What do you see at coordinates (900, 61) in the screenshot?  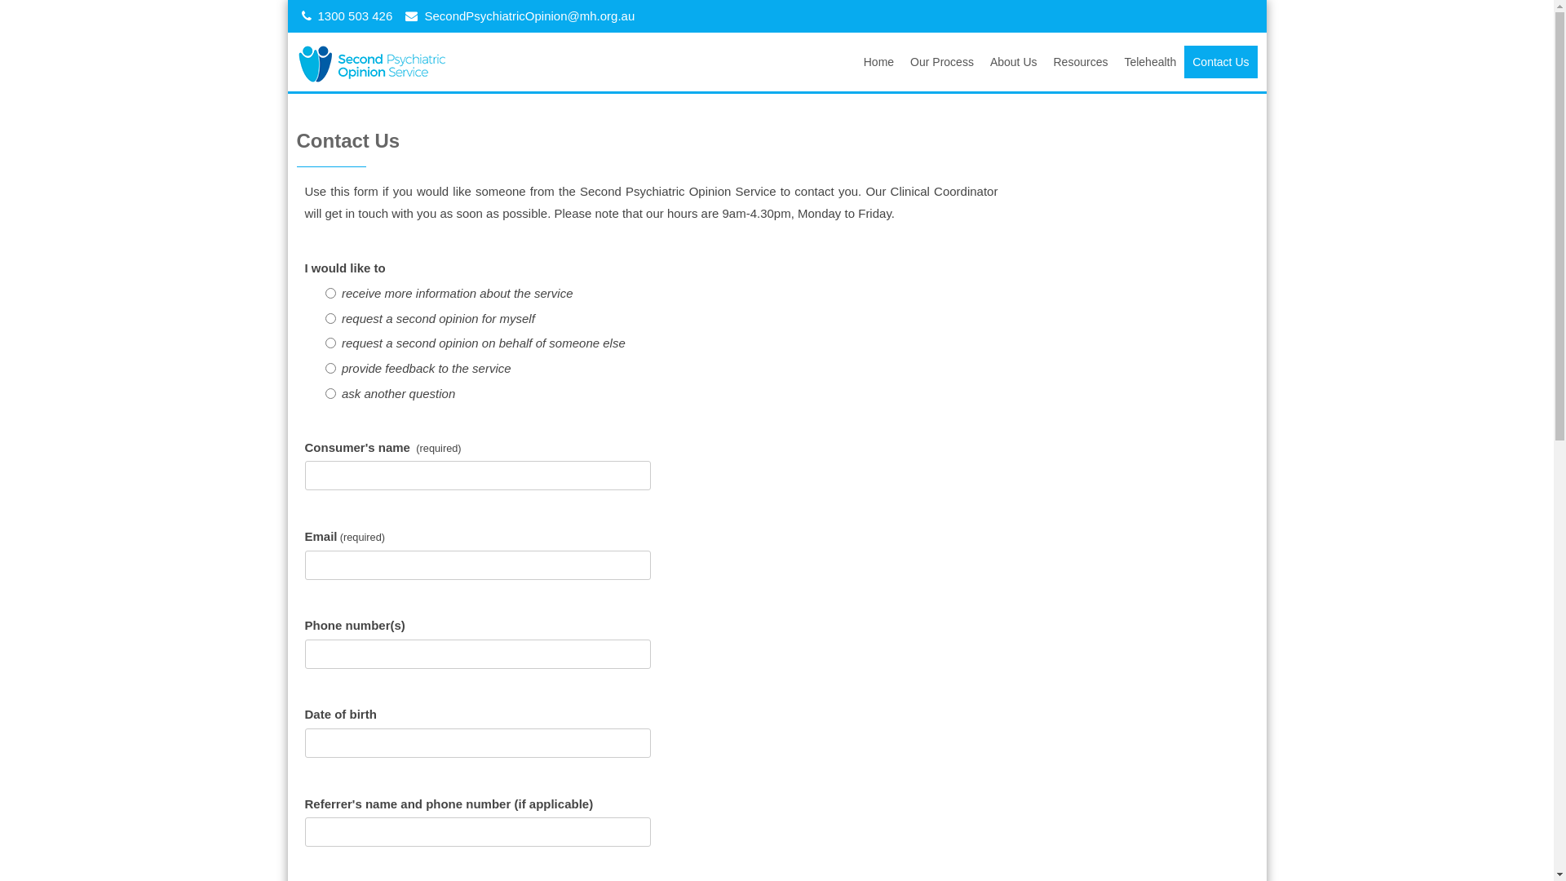 I see `'Our Process'` at bounding box center [900, 61].